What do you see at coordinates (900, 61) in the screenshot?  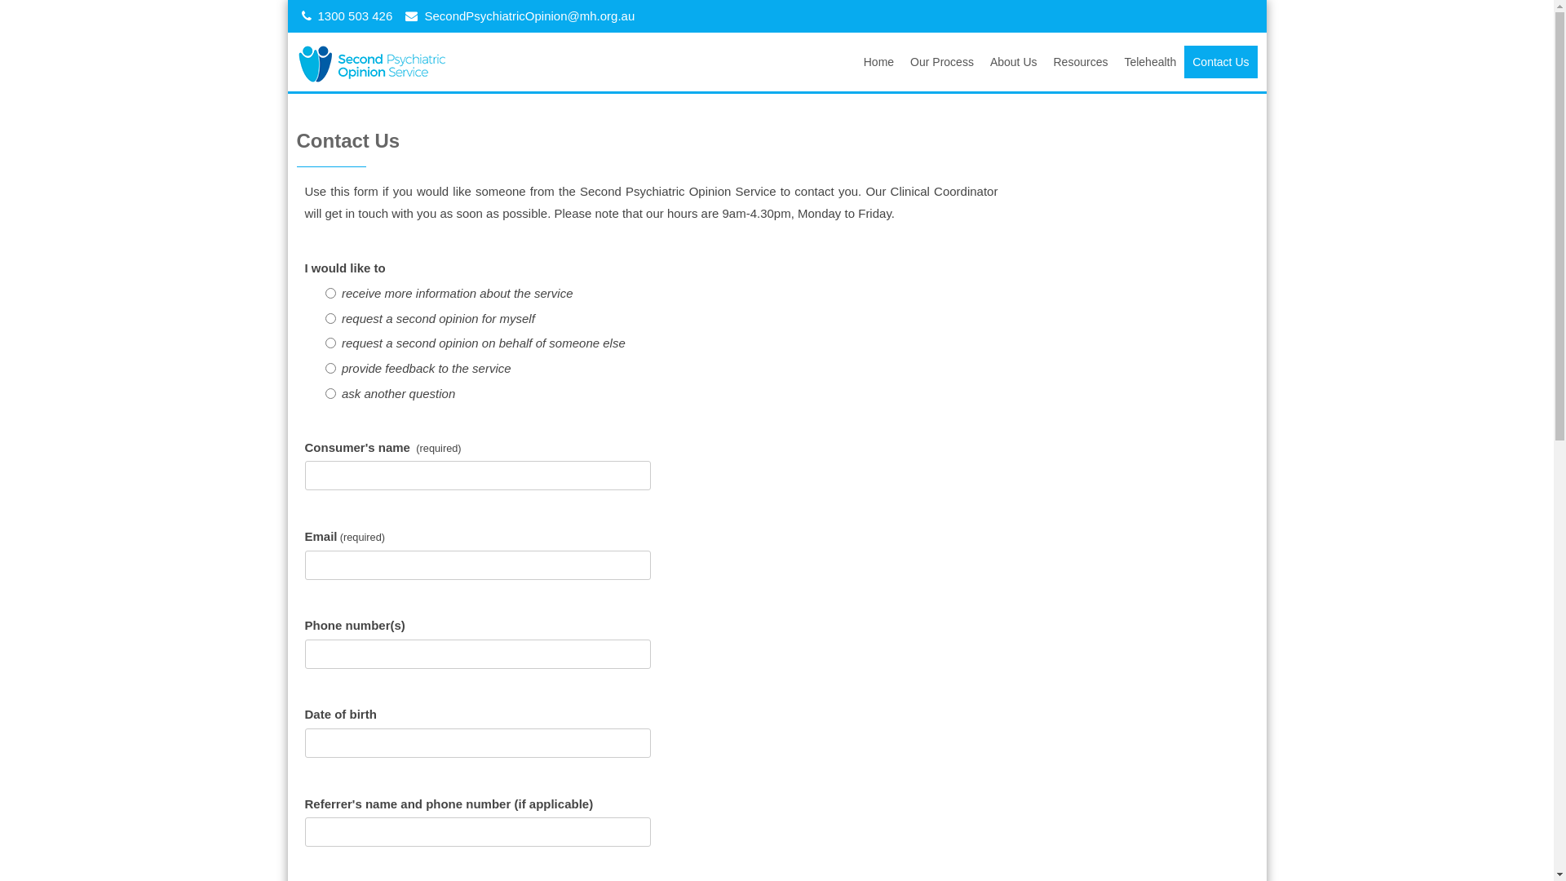 I see `'Our Process'` at bounding box center [900, 61].